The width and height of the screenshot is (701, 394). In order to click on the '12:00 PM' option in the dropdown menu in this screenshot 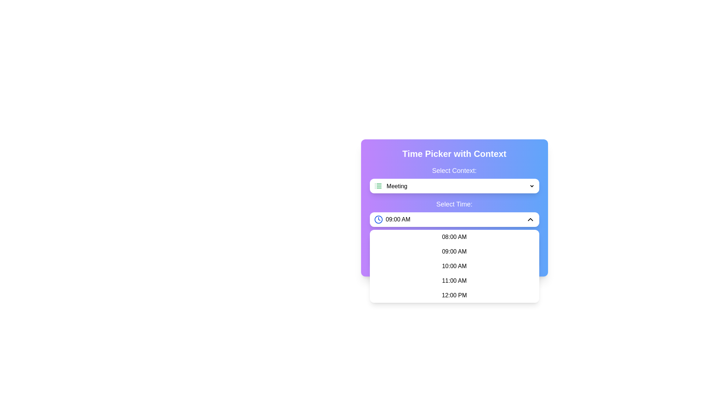, I will do `click(454, 295)`.